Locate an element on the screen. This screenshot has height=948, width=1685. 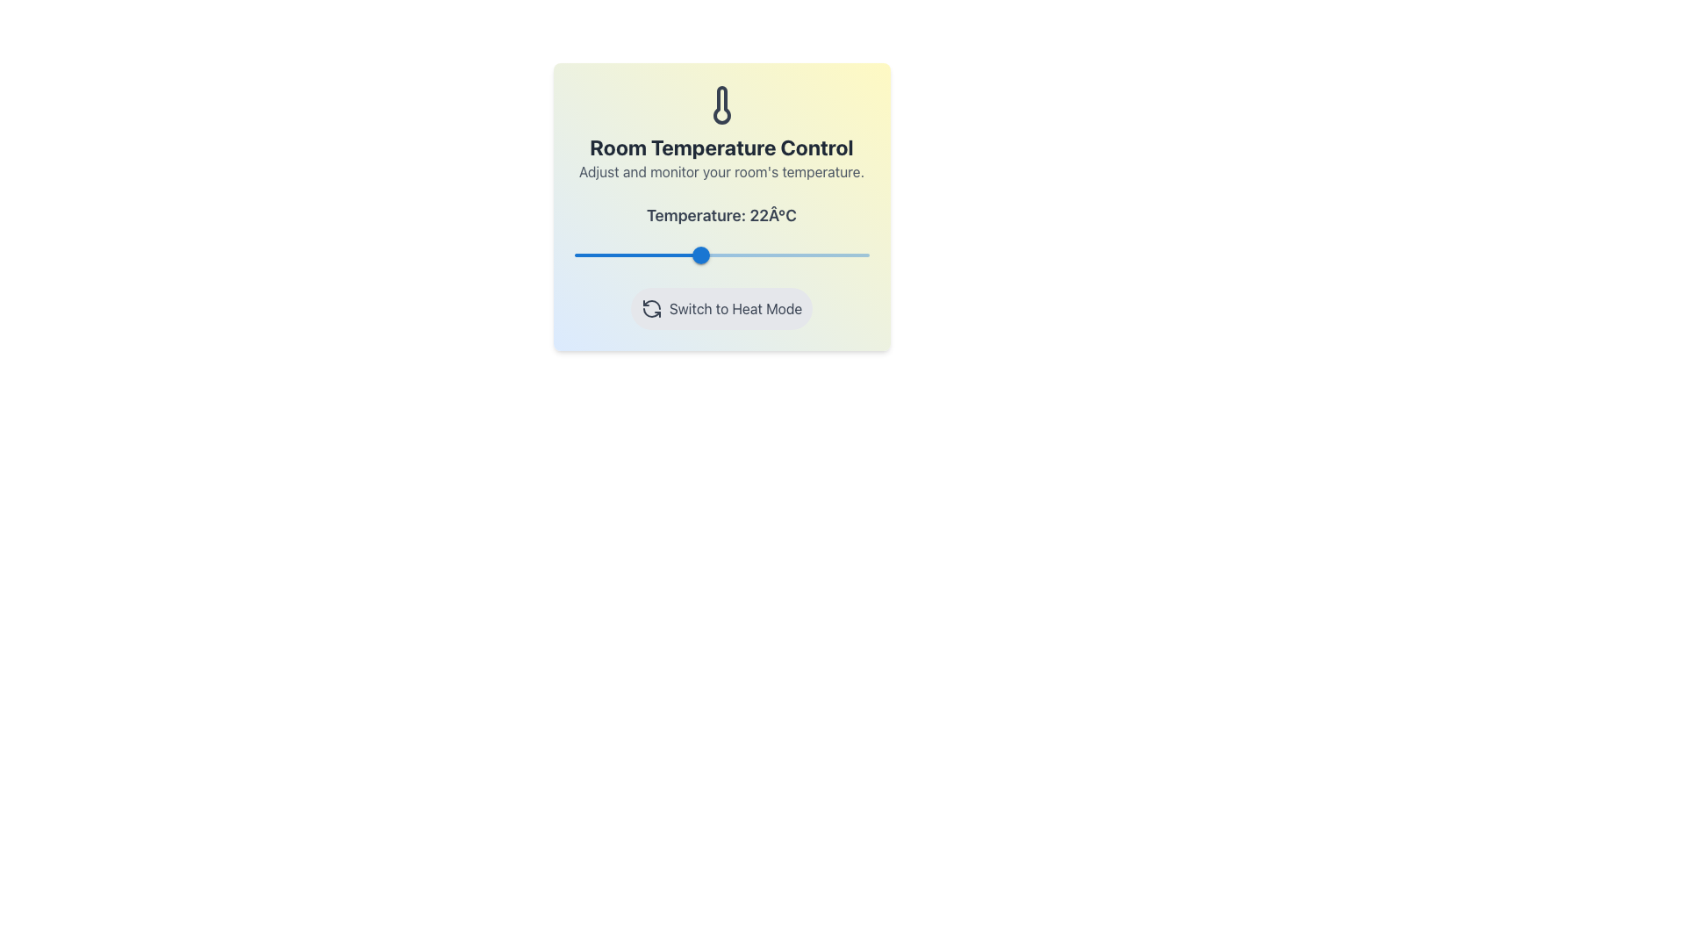
the temperature is located at coordinates (604, 255).